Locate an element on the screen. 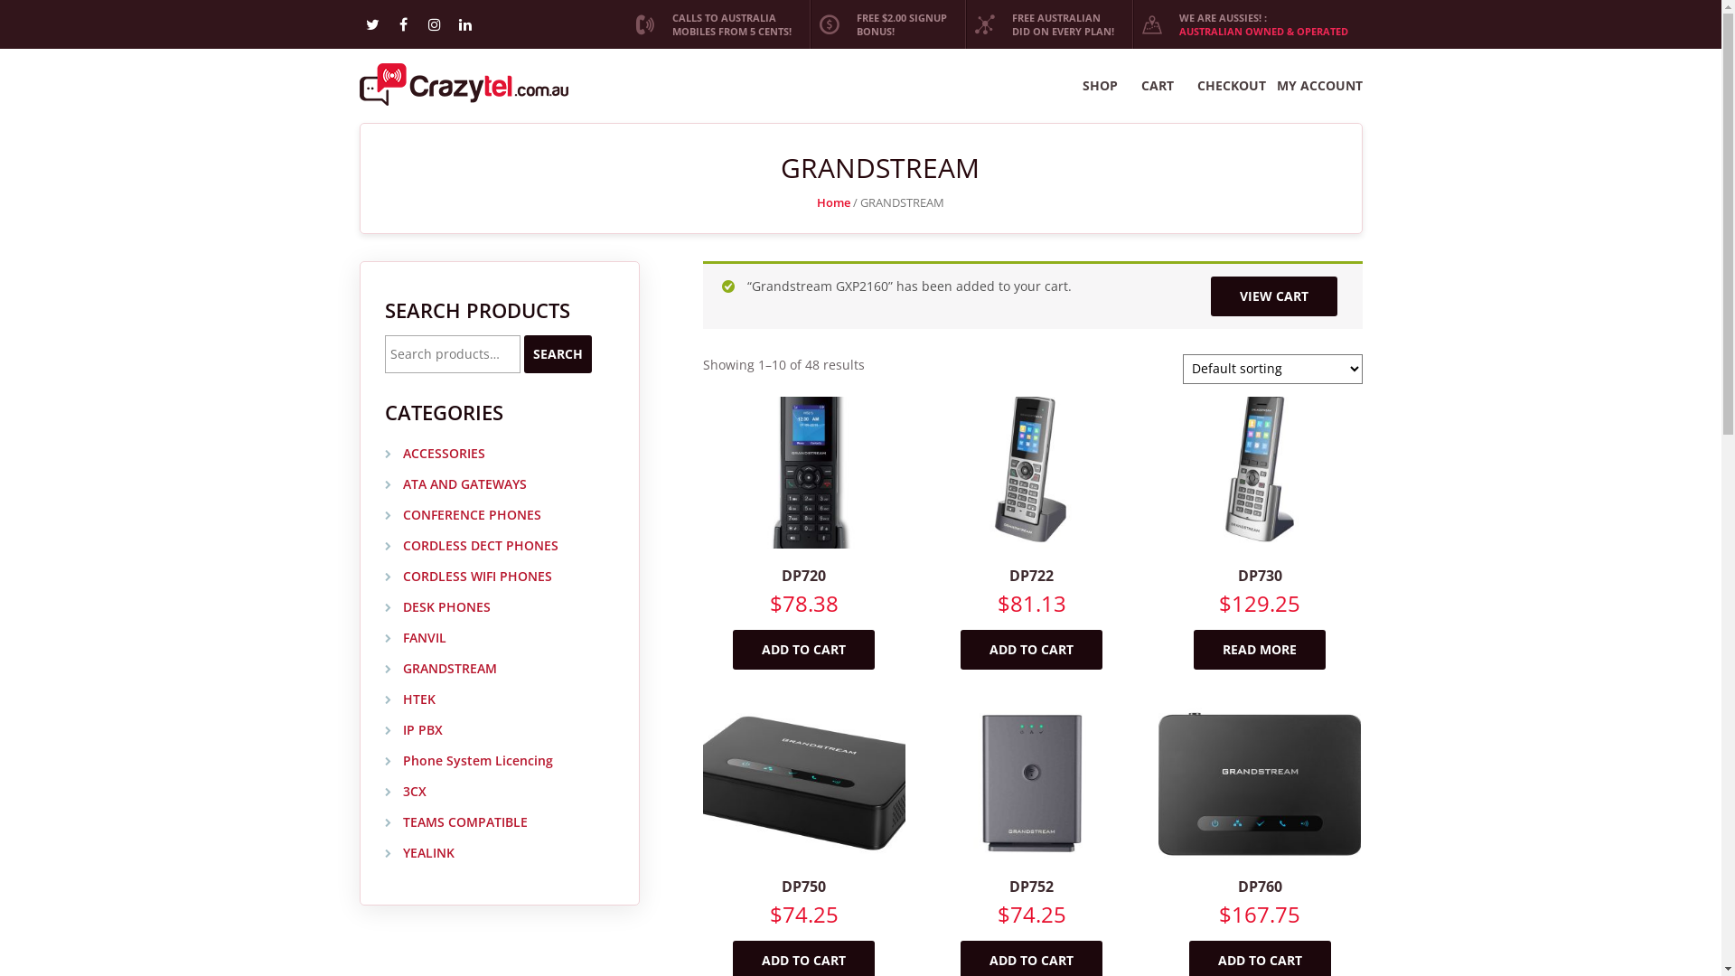  'FANVIL' is located at coordinates (415, 637).